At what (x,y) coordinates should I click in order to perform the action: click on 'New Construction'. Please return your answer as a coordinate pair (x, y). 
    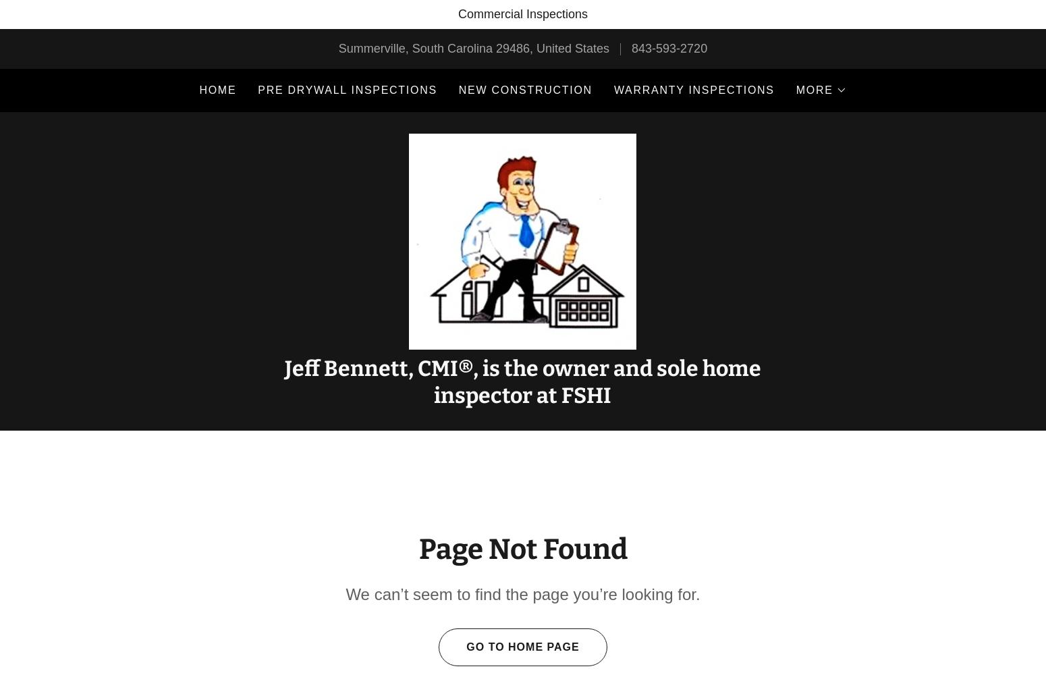
    Looking at the image, I should click on (524, 90).